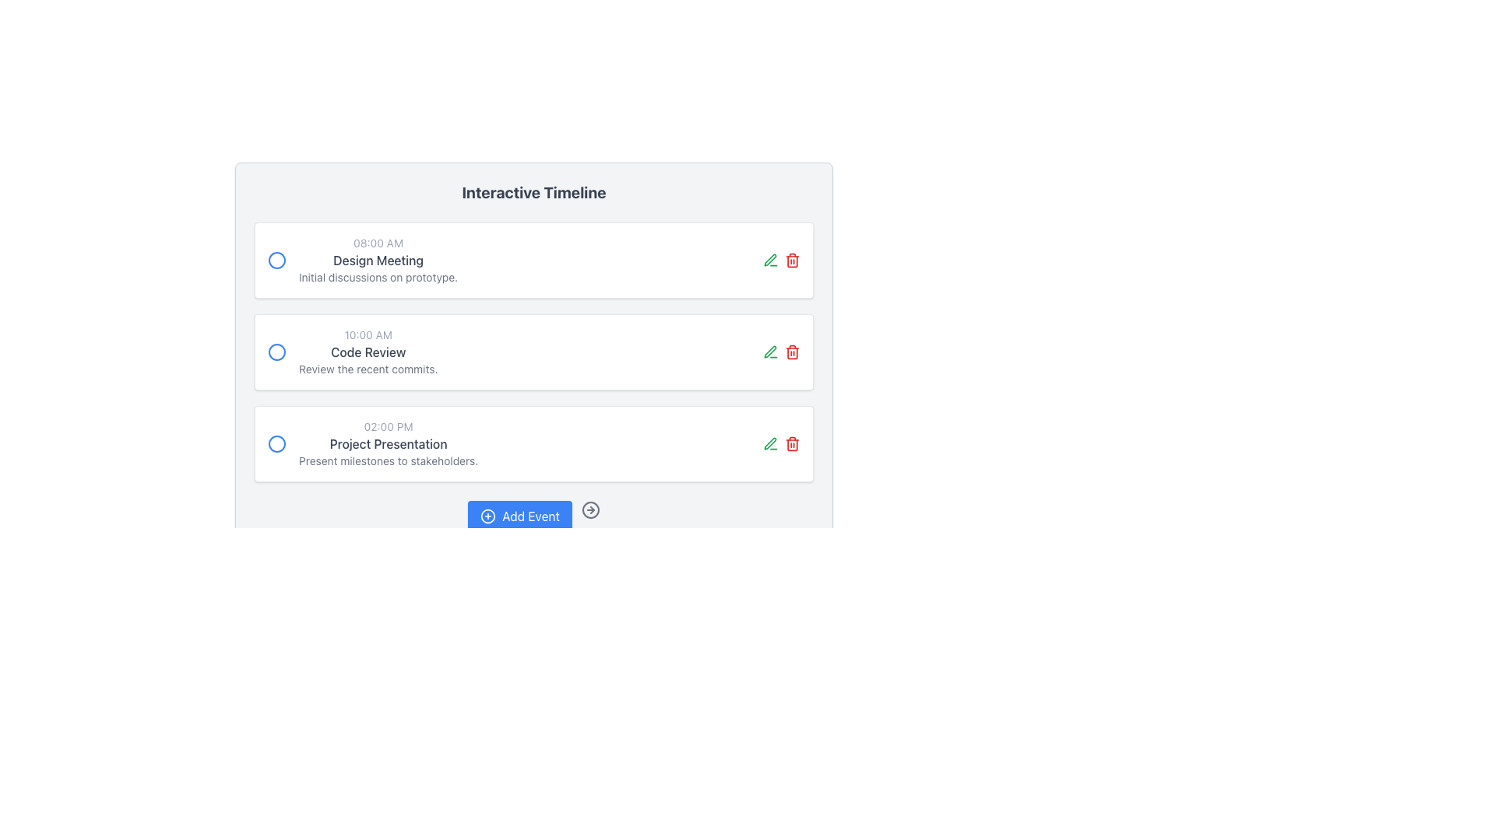  What do you see at coordinates (792, 443) in the screenshot?
I see `the delete button located on the right side of the third entry in the interactive timeline list` at bounding box center [792, 443].